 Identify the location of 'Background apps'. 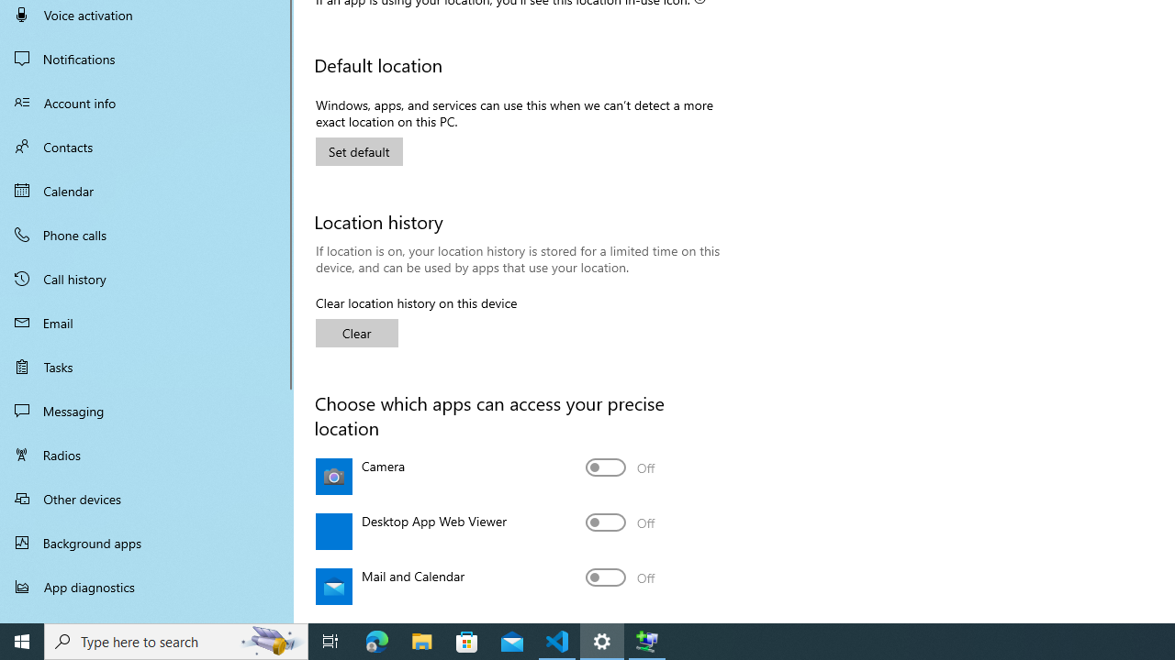
(147, 542).